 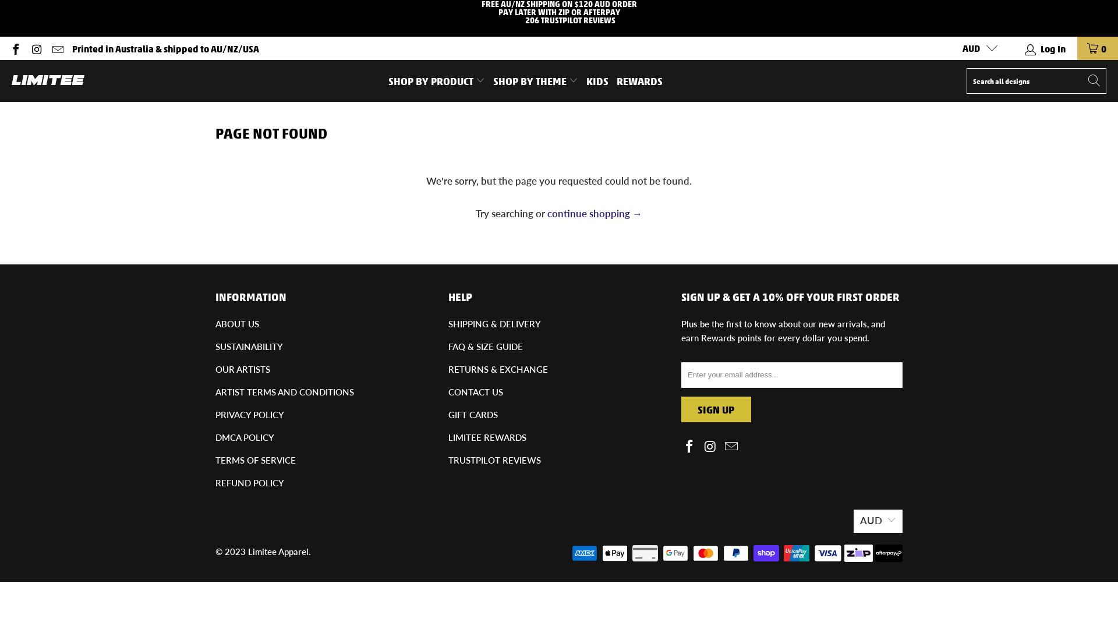 I want to click on 'Printed in Australia & shipped to AU/NZ/USA', so click(x=165, y=48).